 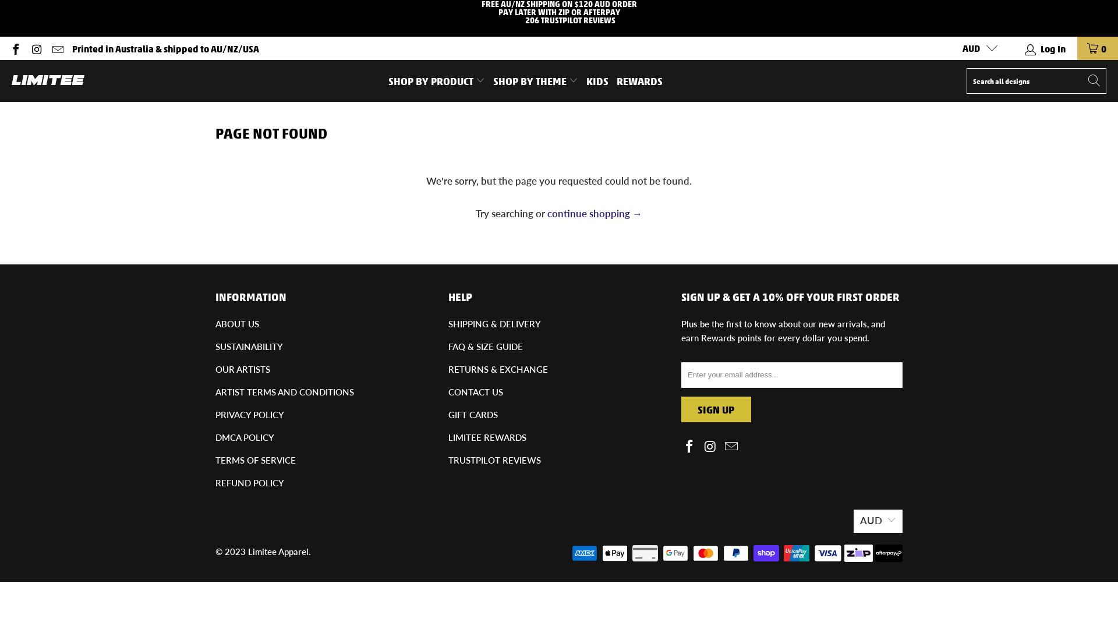 I want to click on 'Printed in Australia & shipped to AU/NZ/USA', so click(x=165, y=48).